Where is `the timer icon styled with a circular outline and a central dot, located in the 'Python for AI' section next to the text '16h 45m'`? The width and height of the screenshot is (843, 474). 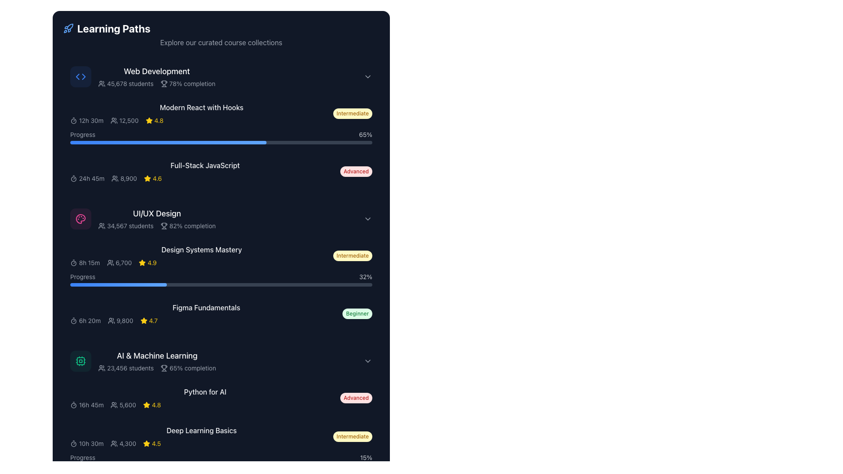
the timer icon styled with a circular outline and a central dot, located in the 'Python for AI' section next to the text '16h 45m' is located at coordinates (74, 405).